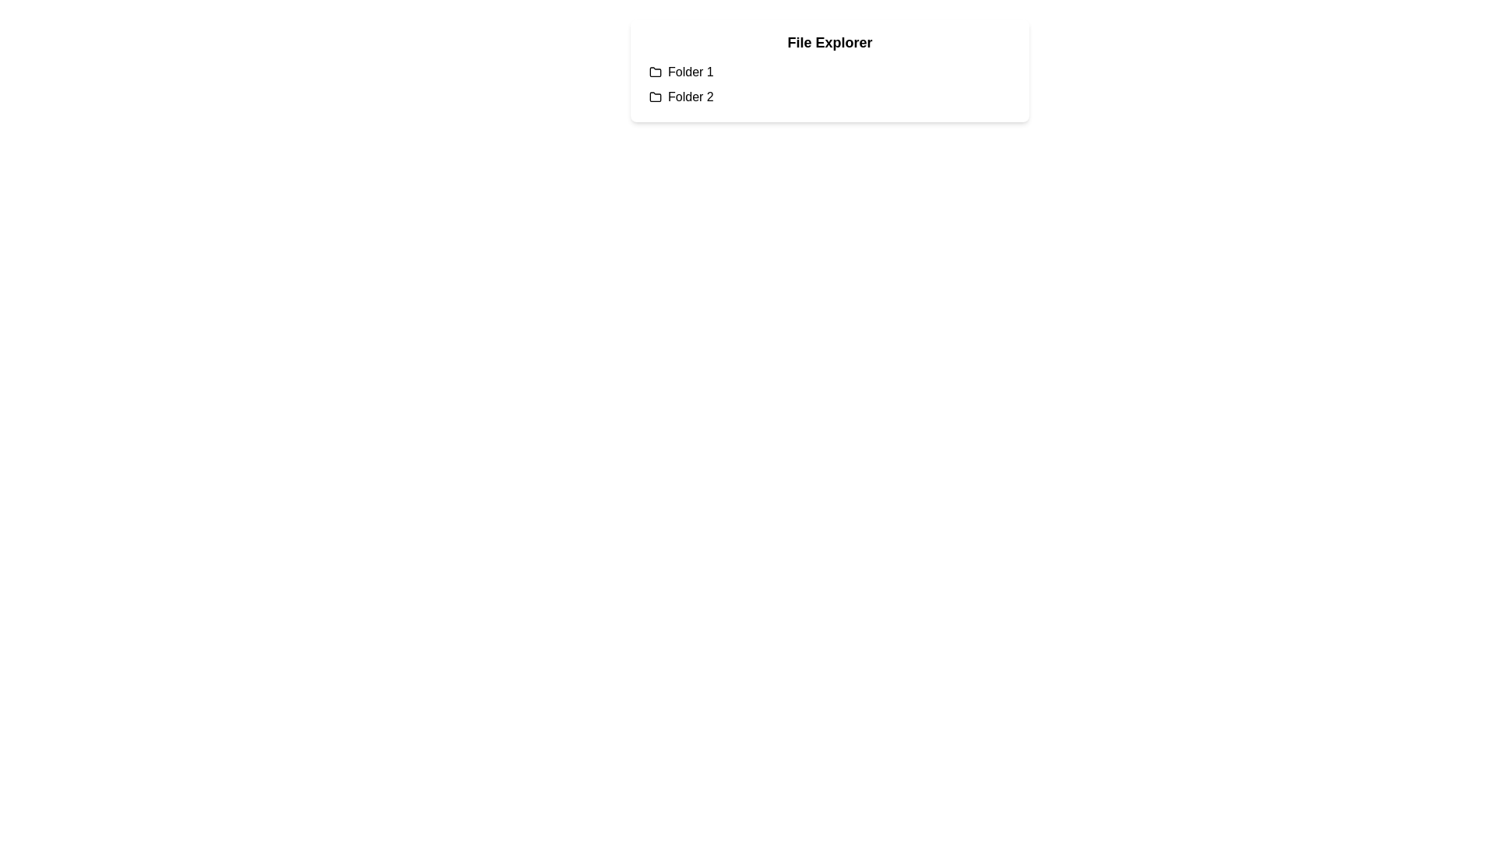 The image size is (1495, 841). What do you see at coordinates (690, 97) in the screenshot?
I see `the text label reading 'Folder 2' that is styled in a standard sans-serif font and located under the 'File Explorer' heading, aligned with a folder icon` at bounding box center [690, 97].